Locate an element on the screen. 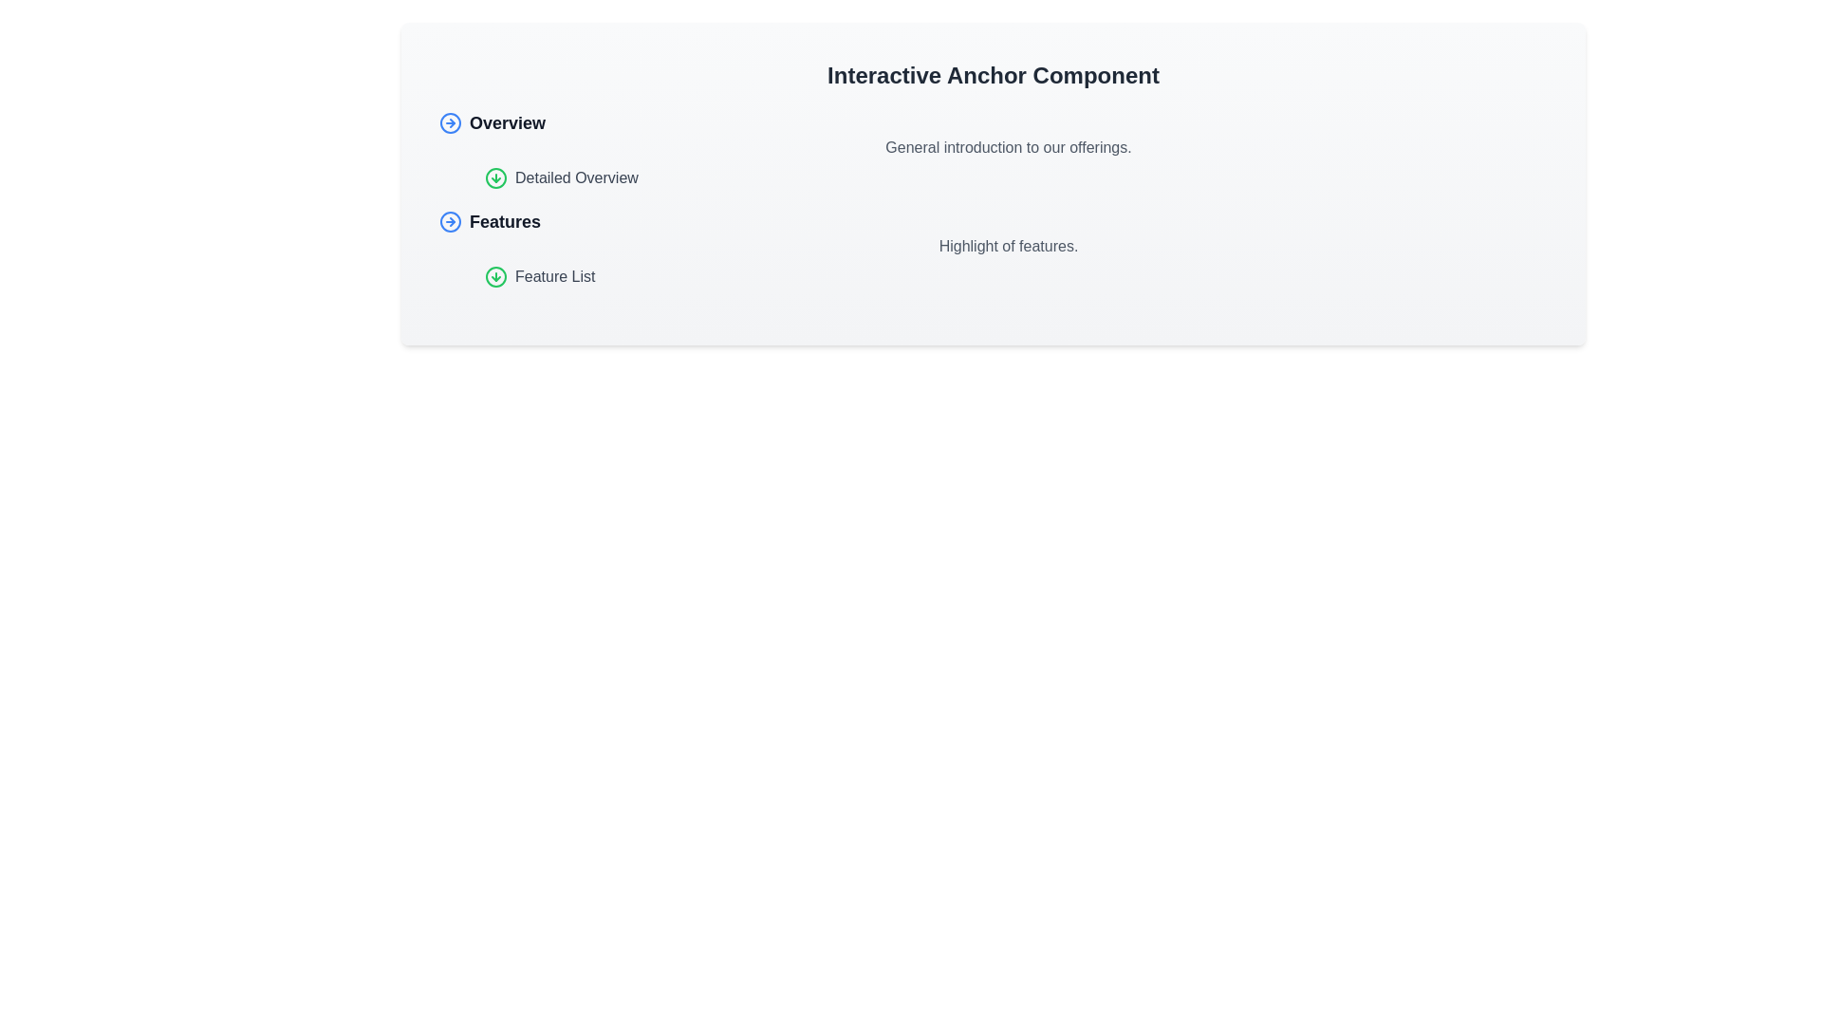 The width and height of the screenshot is (1822, 1025). the circular vector graphic element located on the right side of the second entry in the vertical feature list is located at coordinates (496, 277).